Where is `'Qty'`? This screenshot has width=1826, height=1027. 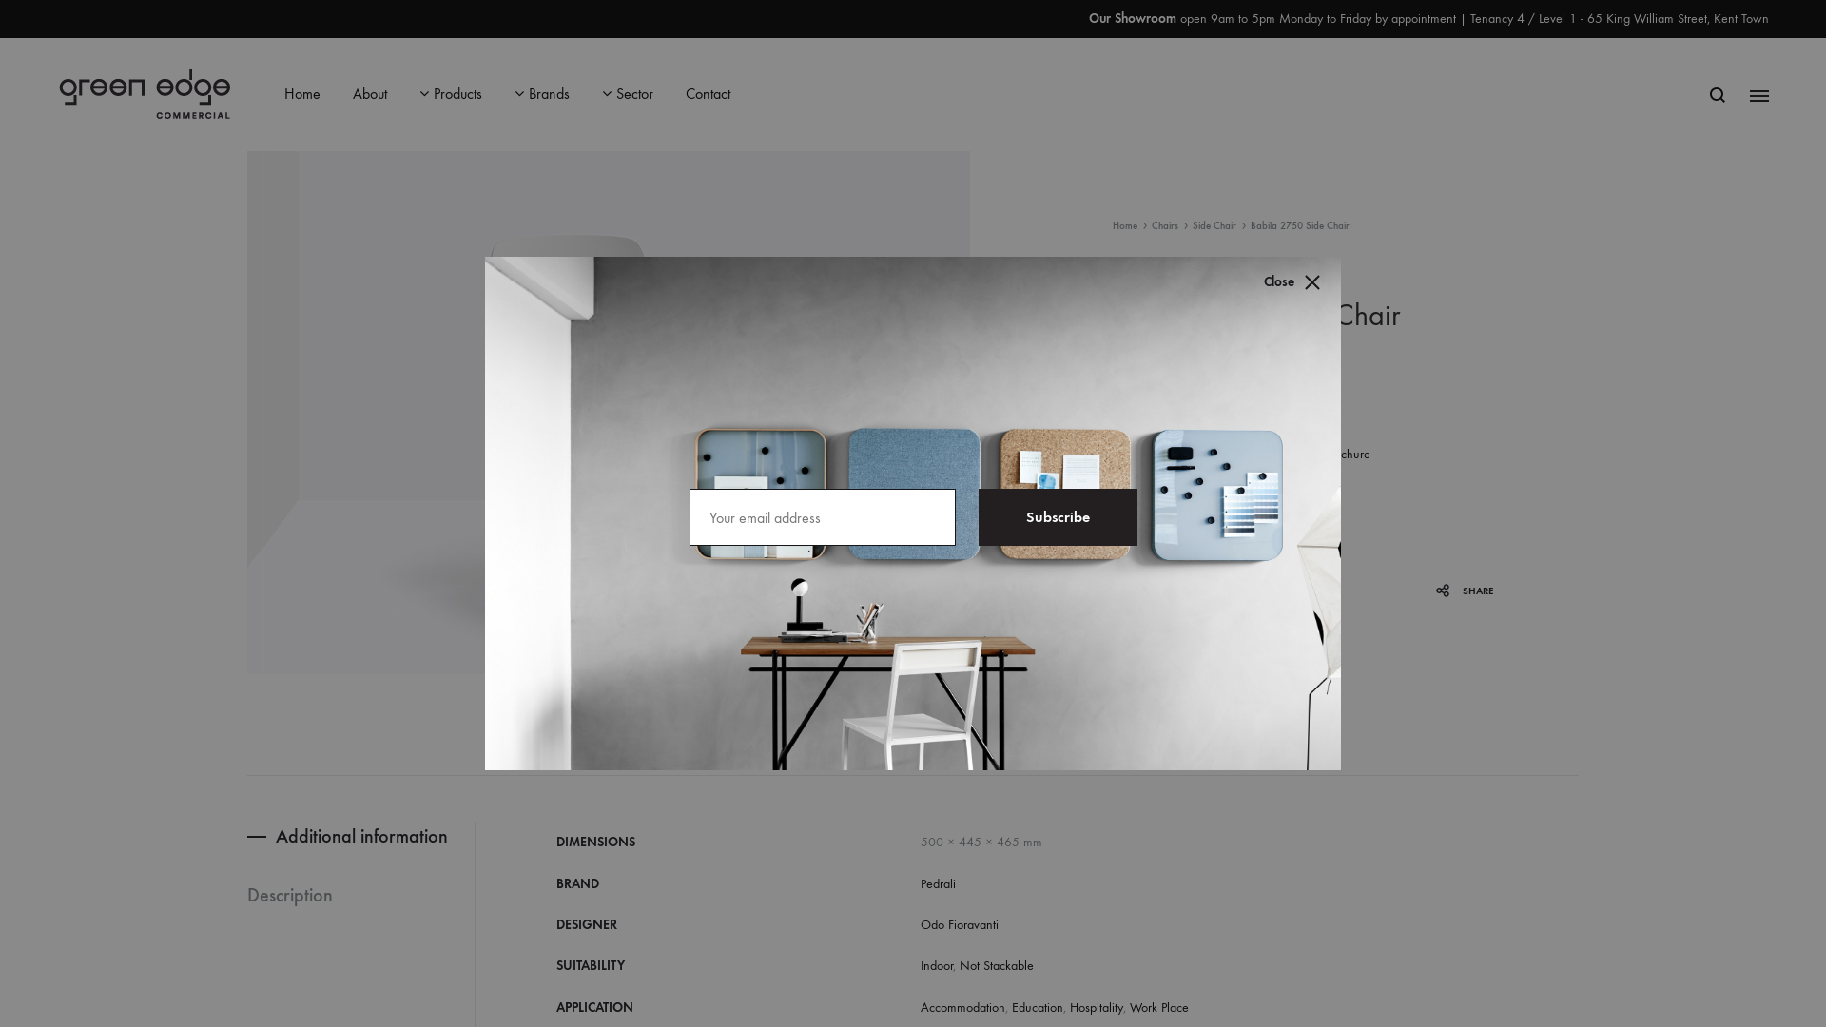 'Qty' is located at coordinates (1175, 517).